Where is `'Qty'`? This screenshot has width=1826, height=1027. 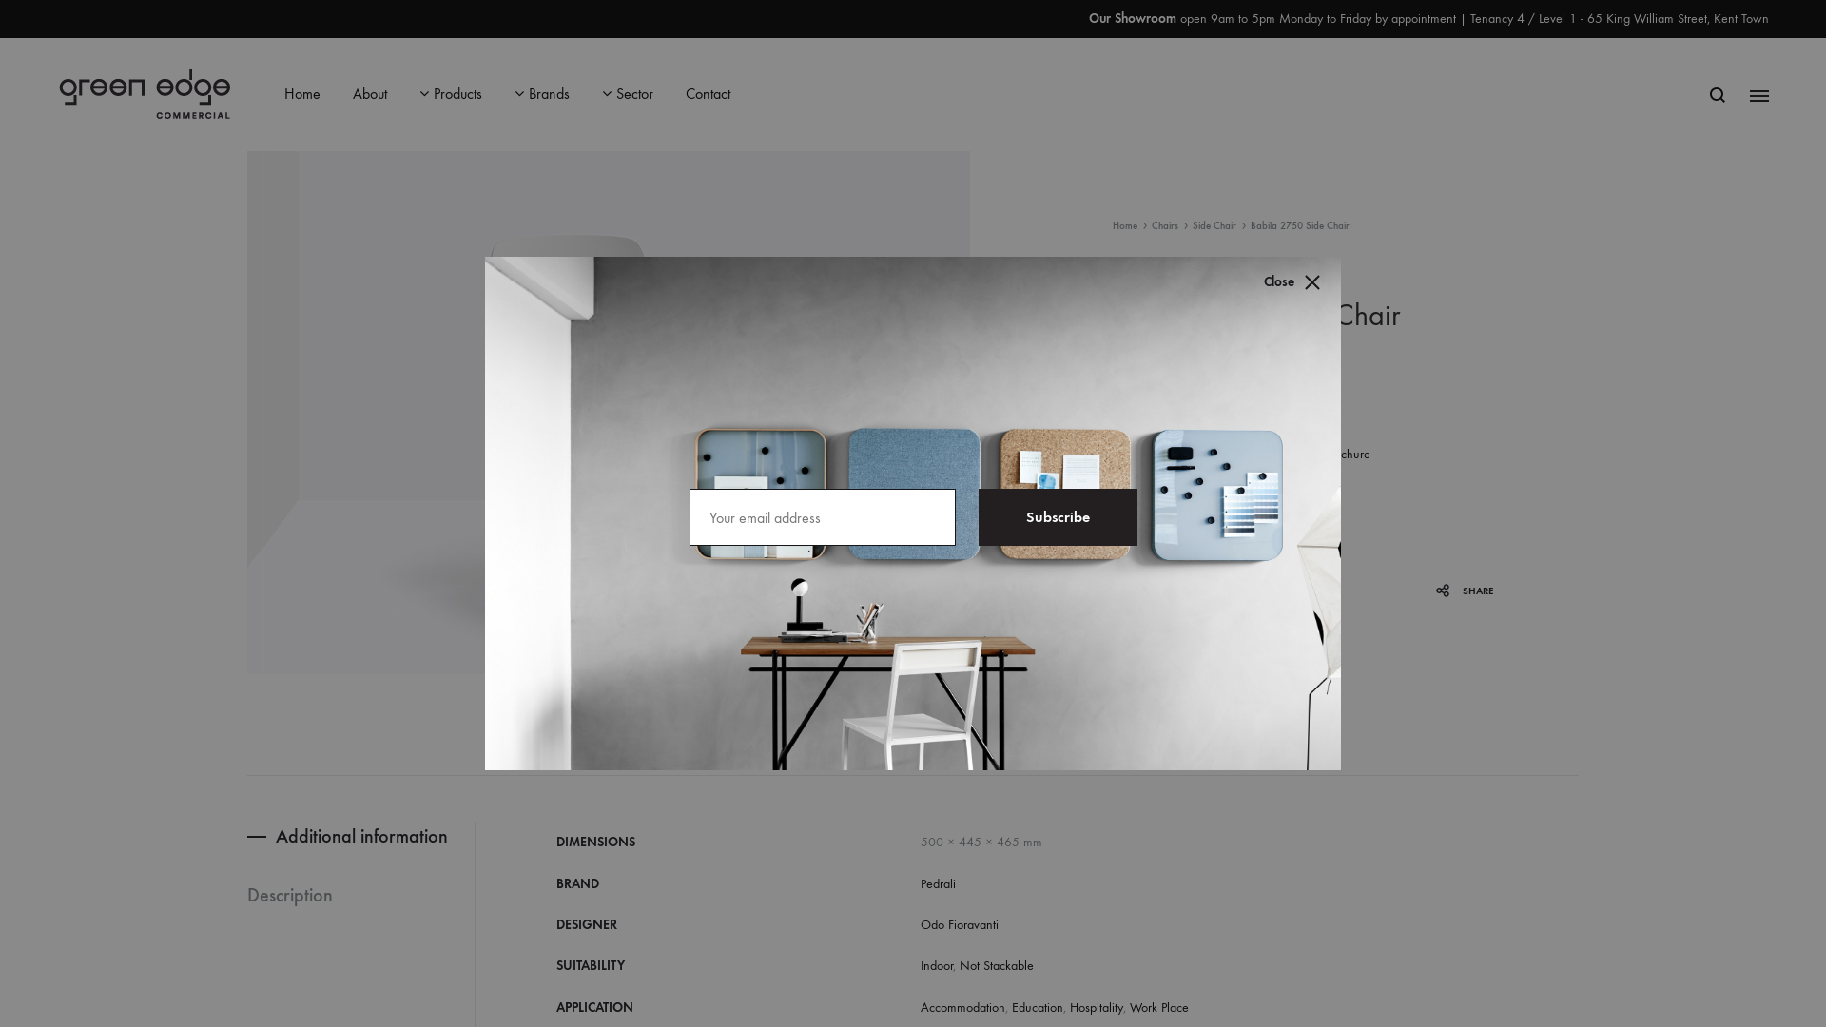 'Qty' is located at coordinates (1175, 517).